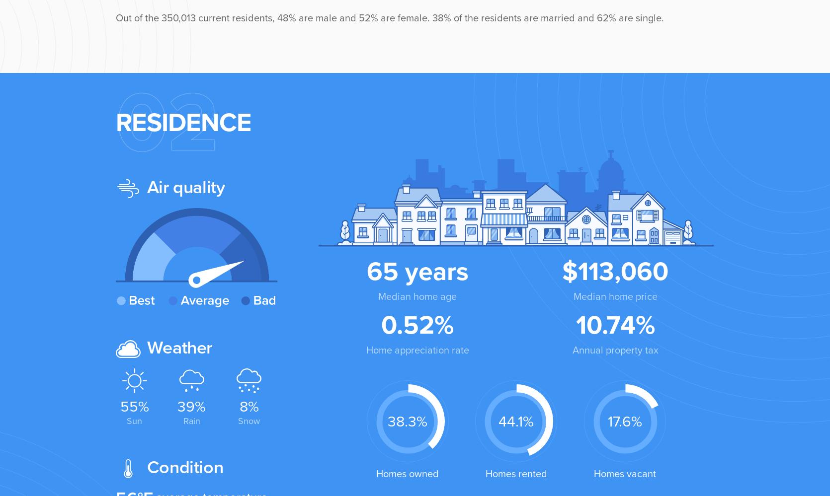 This screenshot has width=830, height=496. What do you see at coordinates (183, 467) in the screenshot?
I see `'Condition'` at bounding box center [183, 467].